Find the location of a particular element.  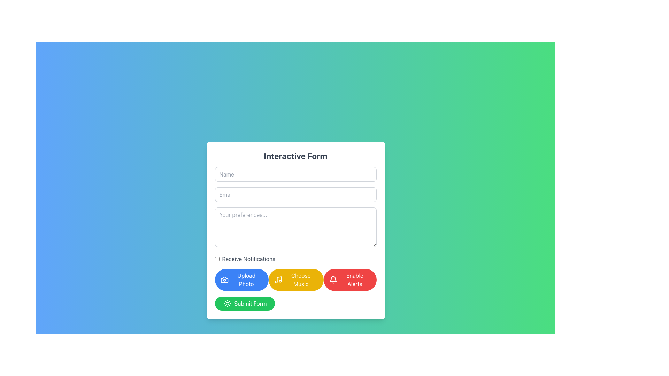

the sun icon located within the 'Submit Form' button at the bottom-left corner of the interactive form is located at coordinates (227, 303).